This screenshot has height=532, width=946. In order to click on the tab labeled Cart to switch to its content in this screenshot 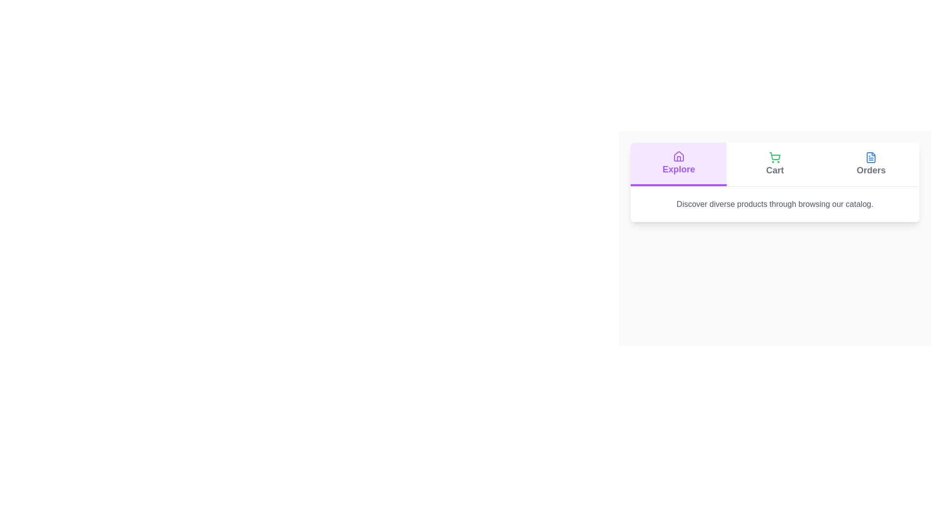, I will do `click(775, 164)`.